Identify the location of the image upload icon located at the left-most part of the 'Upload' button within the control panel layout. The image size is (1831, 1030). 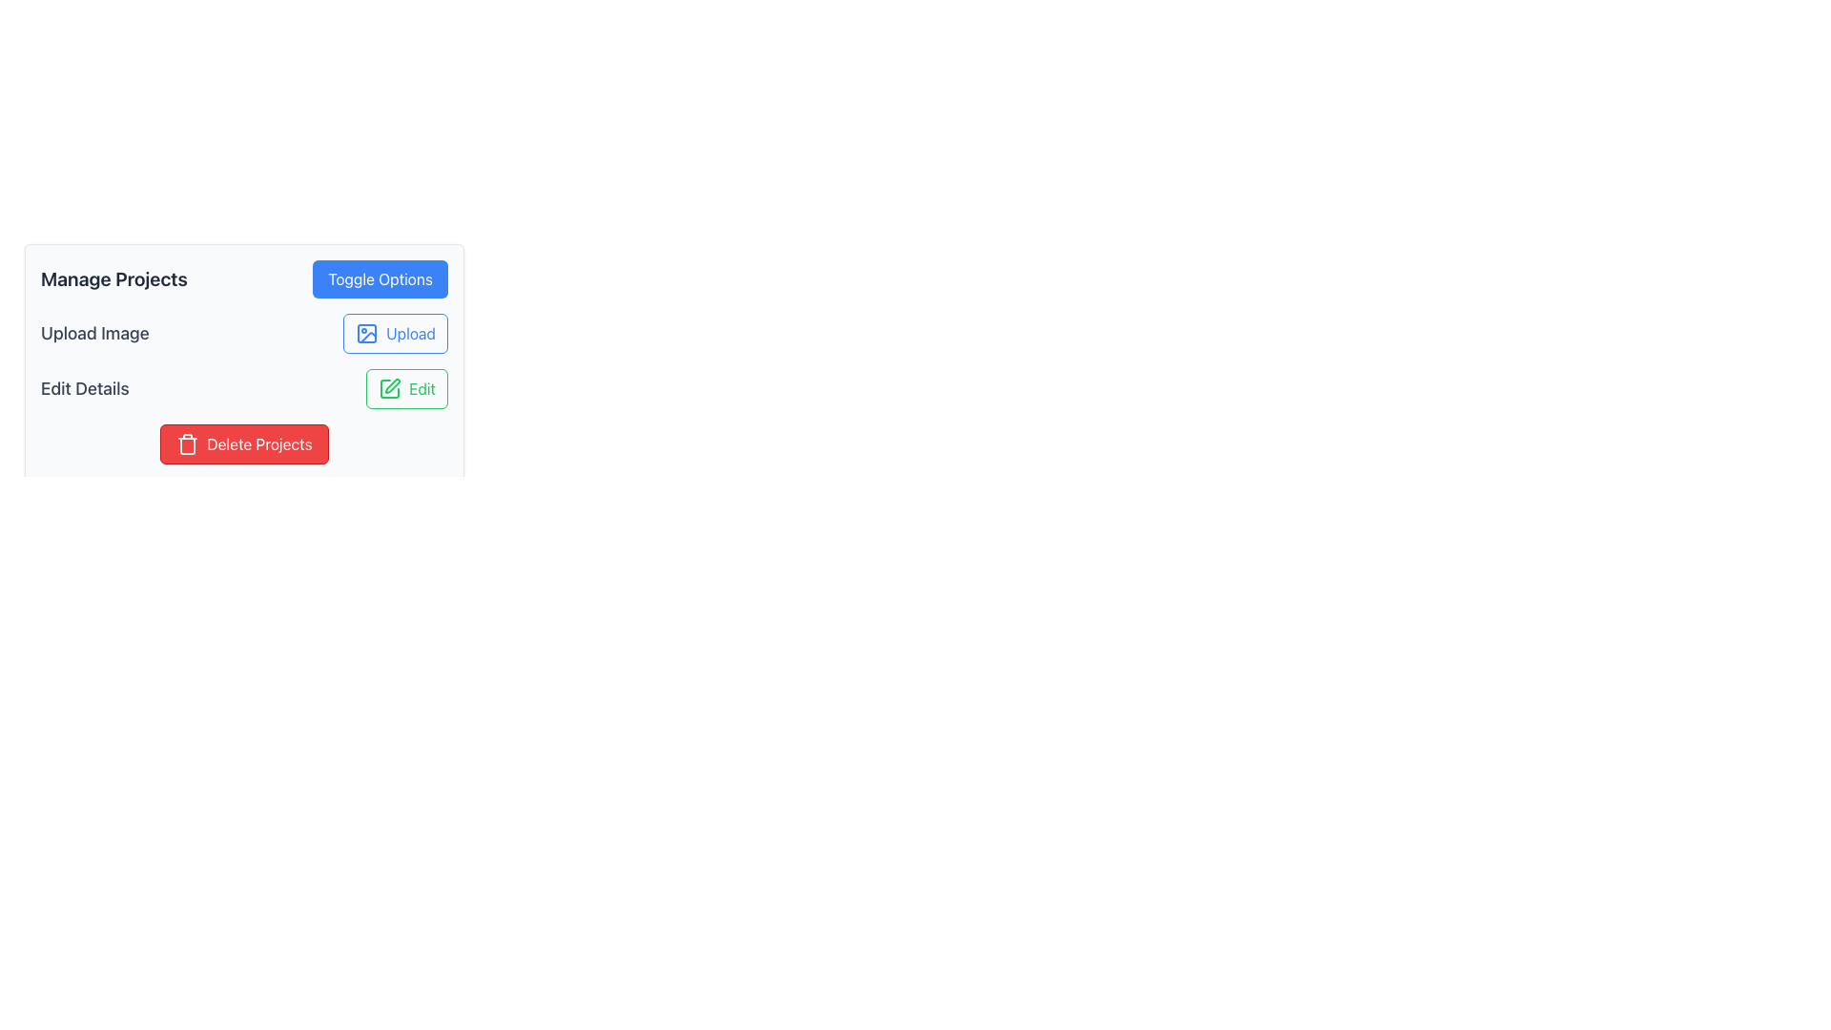
(367, 333).